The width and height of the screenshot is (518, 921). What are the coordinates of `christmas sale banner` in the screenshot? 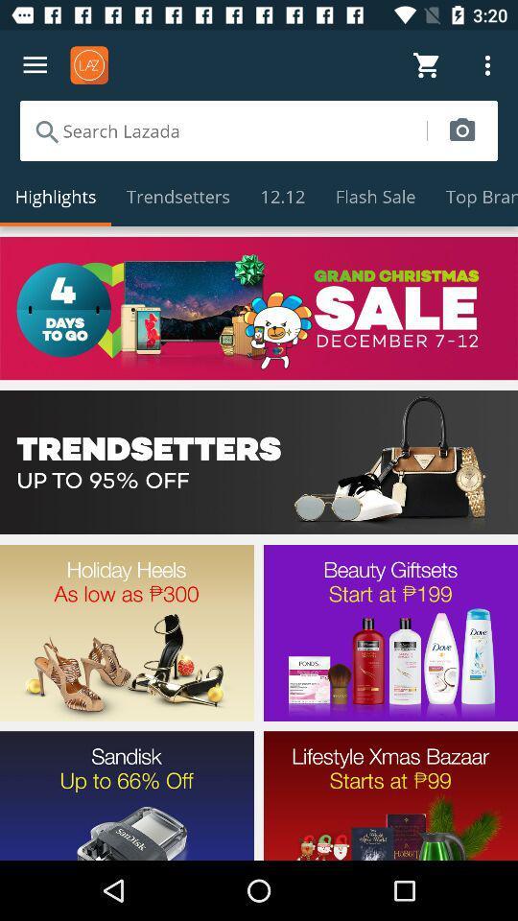 It's located at (259, 308).